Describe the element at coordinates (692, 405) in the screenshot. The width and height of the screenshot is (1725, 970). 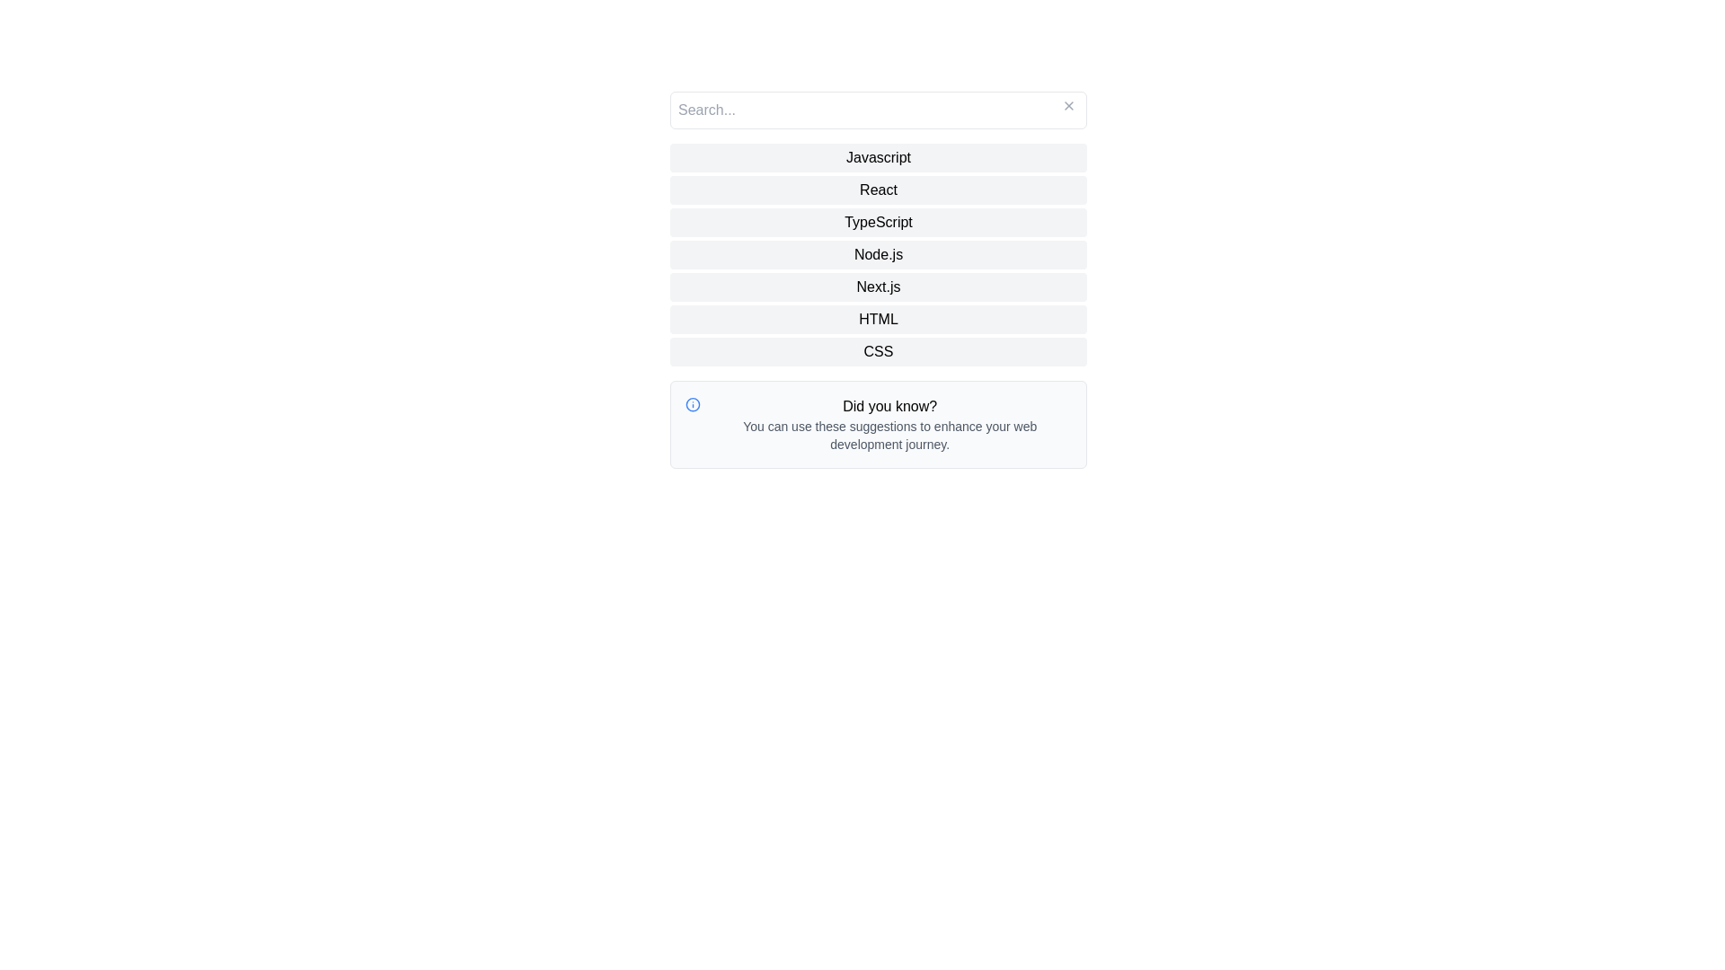
I see `the informational icon located at the top-left corner of the rectangular card` at that location.